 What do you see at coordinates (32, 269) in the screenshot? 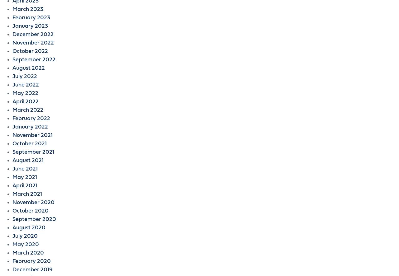
I see `'December 2019'` at bounding box center [32, 269].